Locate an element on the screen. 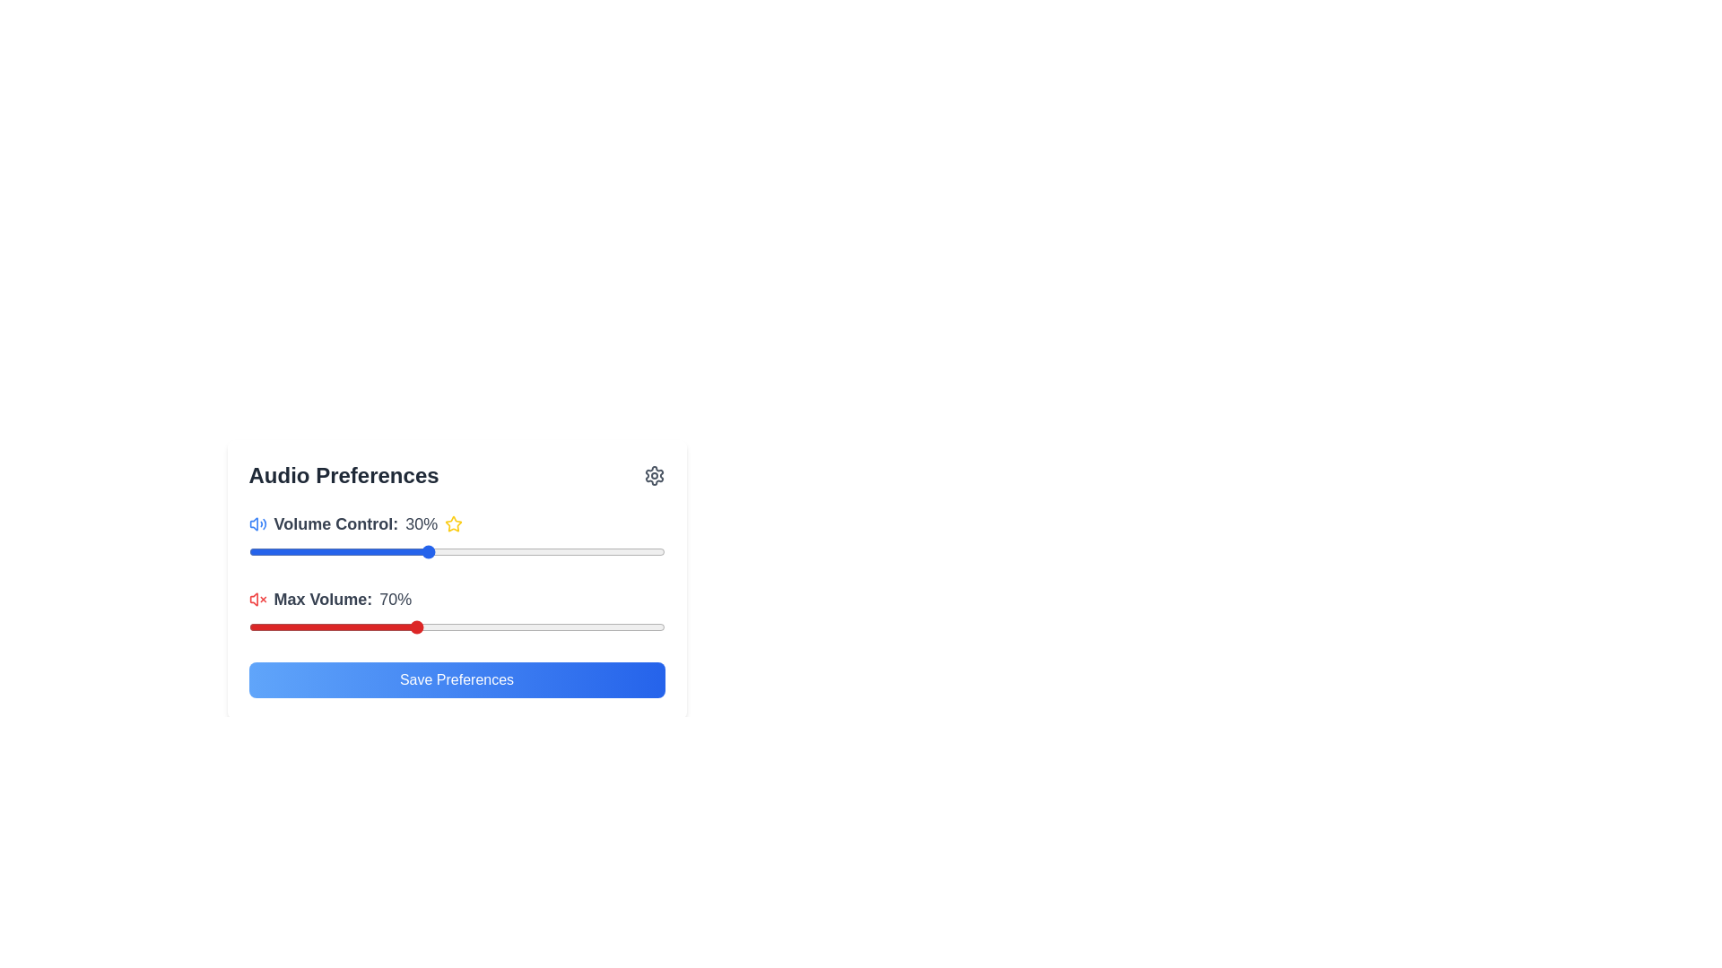 The width and height of the screenshot is (1722, 968). the blue-colored volume icon with sound waves located in the 'Volume Control' section, positioned to the left of '30%' and above the blue progress bar is located at coordinates (257, 524).